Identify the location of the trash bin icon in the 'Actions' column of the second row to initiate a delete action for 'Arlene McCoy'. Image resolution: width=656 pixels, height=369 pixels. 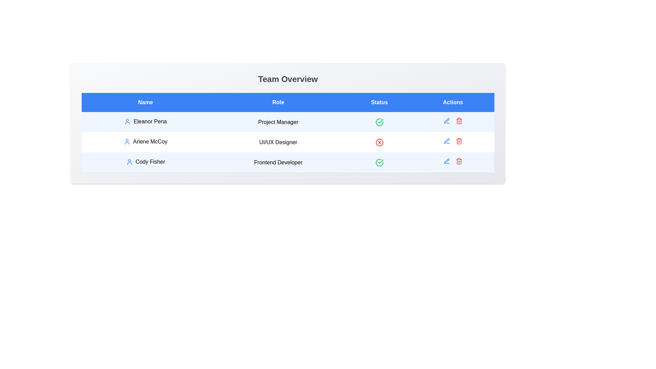
(459, 121).